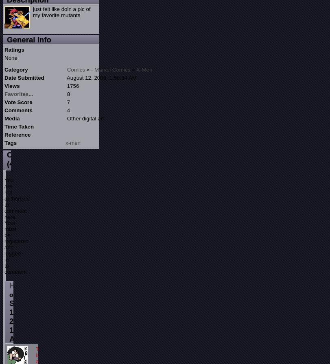 The width and height of the screenshot is (330, 364). Describe the element at coordinates (28, 39) in the screenshot. I see `'General Info'` at that location.